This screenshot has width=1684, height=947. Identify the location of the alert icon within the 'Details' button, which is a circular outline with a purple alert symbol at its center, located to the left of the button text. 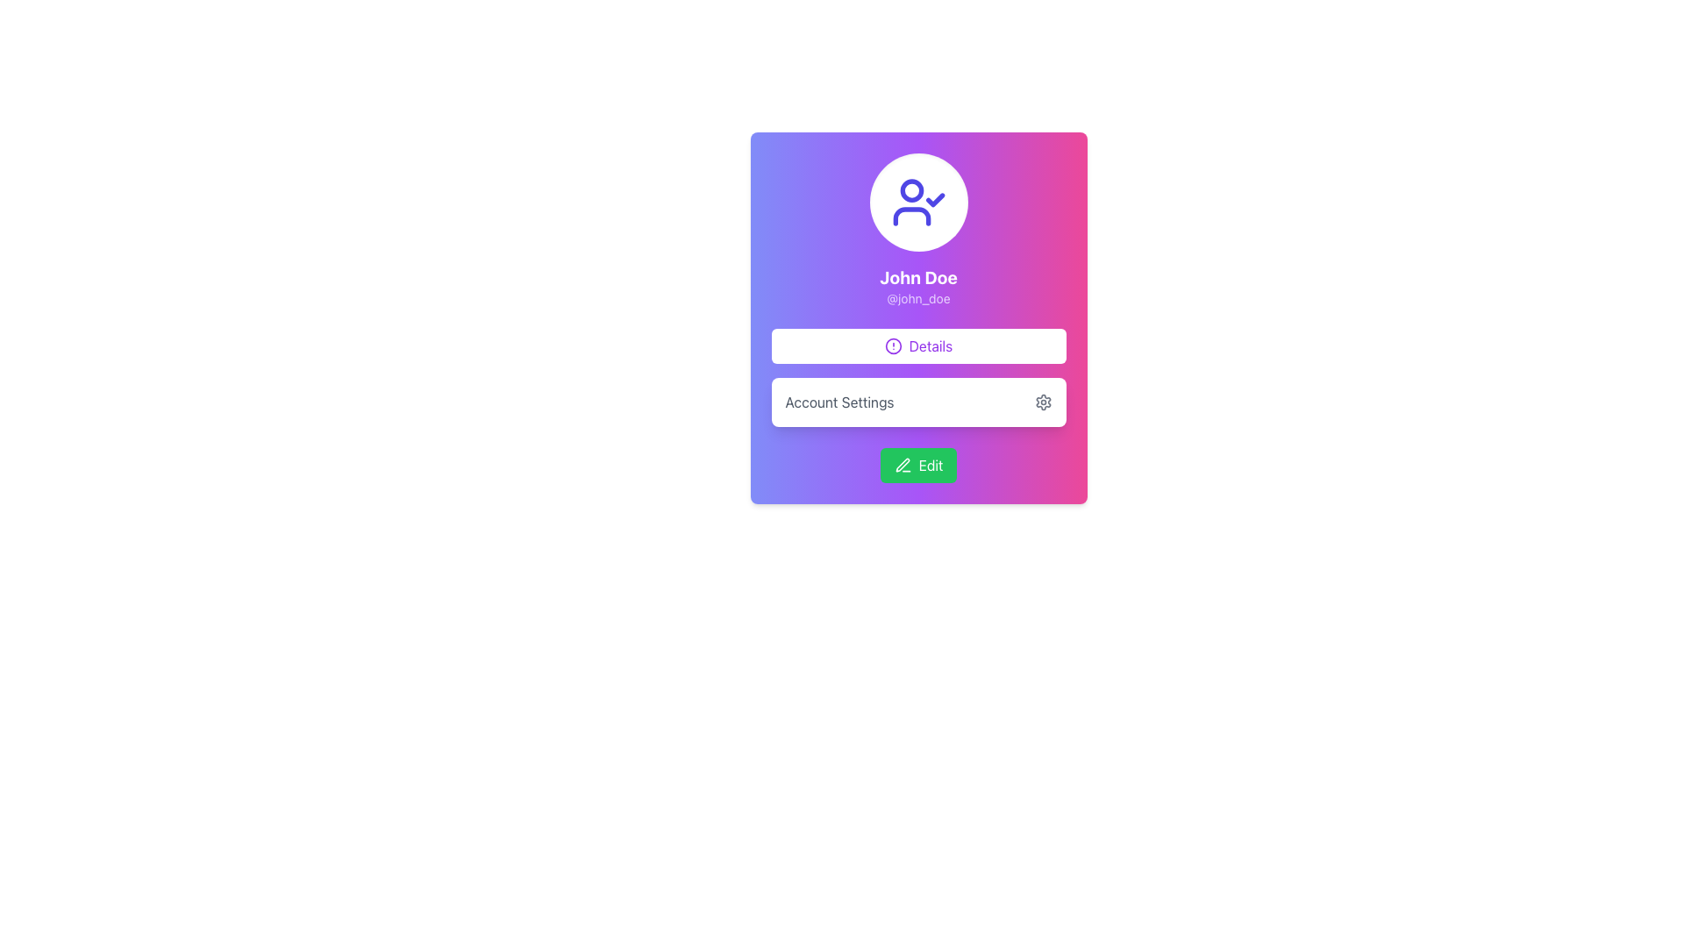
(893, 345).